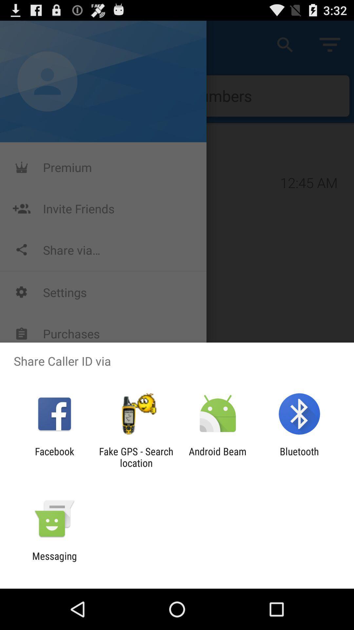 The image size is (354, 630). What do you see at coordinates (54, 457) in the screenshot?
I see `the item next to fake gps search` at bounding box center [54, 457].